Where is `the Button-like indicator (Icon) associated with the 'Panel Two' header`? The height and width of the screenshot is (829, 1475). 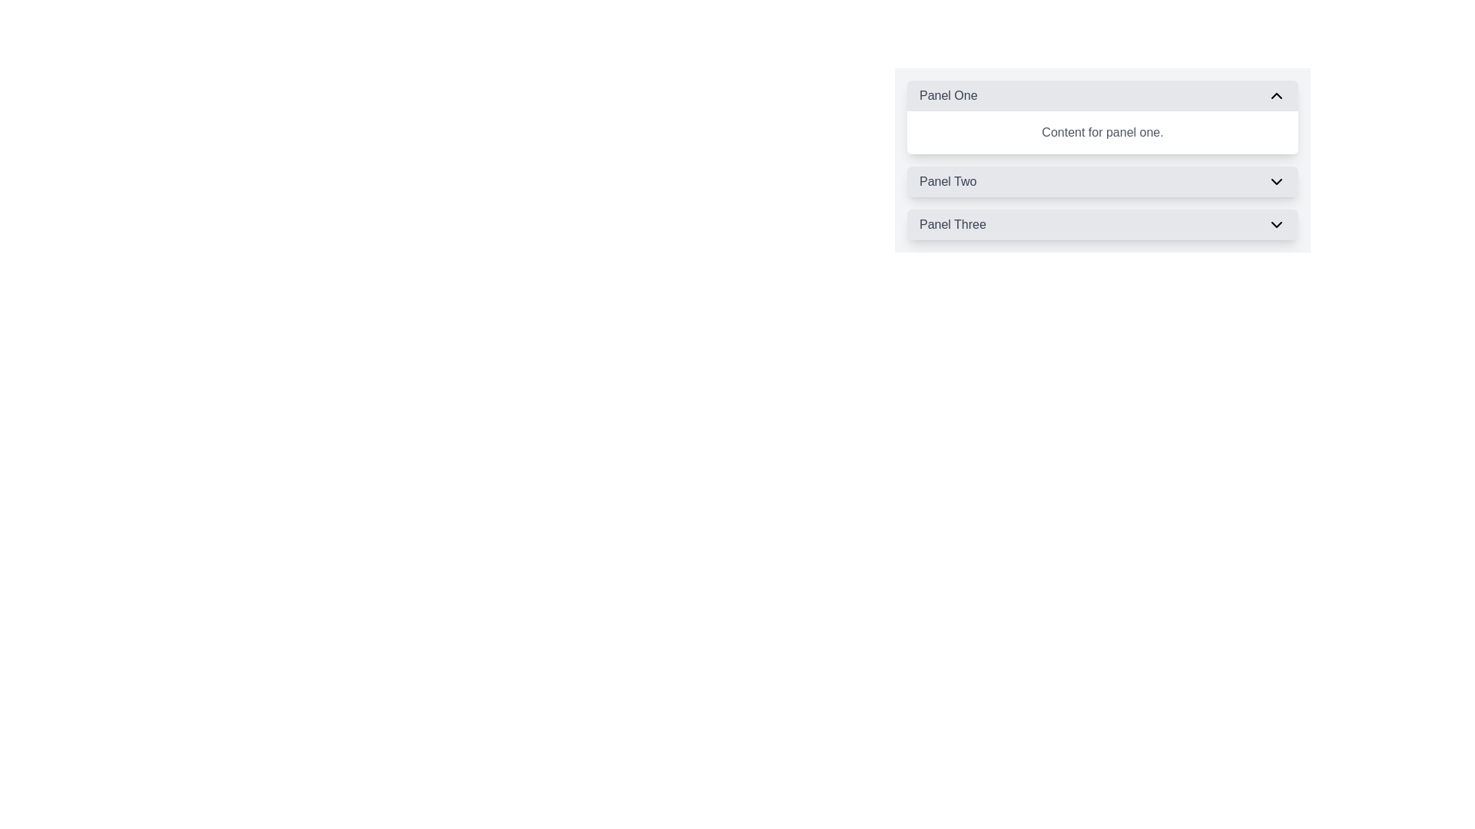
the Button-like indicator (Icon) associated with the 'Panel Two' header is located at coordinates (1276, 180).